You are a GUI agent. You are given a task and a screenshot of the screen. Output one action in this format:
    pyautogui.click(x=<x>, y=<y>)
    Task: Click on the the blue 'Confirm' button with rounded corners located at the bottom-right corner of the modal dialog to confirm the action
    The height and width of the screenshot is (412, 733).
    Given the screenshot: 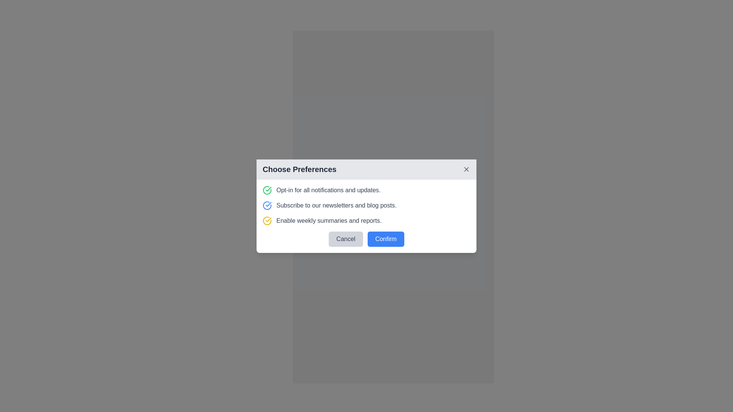 What is the action you would take?
    pyautogui.click(x=393, y=236)
    